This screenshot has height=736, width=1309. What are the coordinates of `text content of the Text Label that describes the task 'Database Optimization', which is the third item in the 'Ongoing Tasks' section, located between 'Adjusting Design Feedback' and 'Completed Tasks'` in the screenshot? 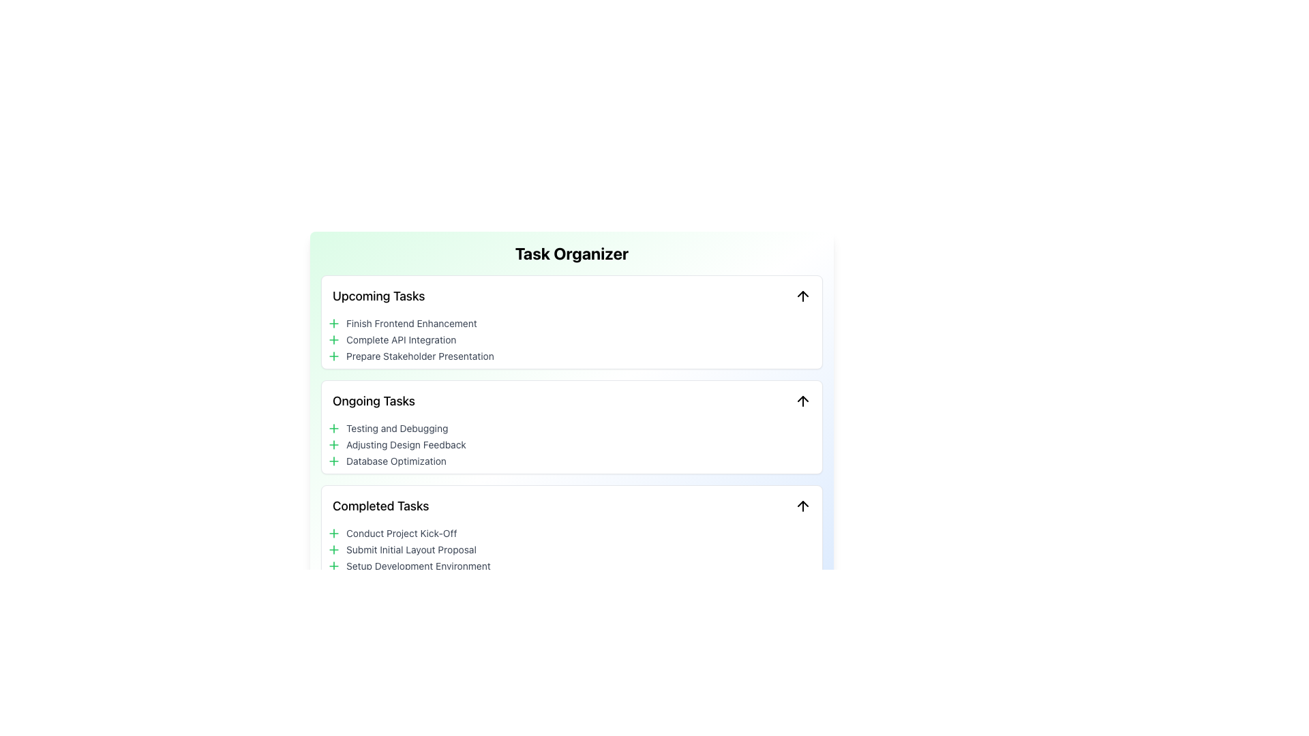 It's located at (395, 461).